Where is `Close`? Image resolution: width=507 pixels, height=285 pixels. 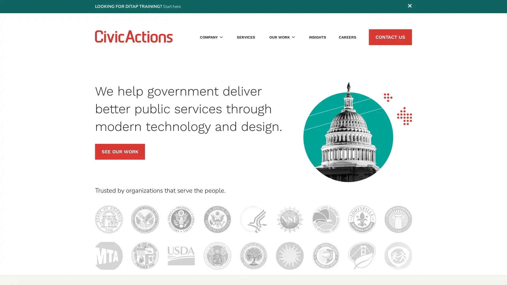 Close is located at coordinates (409, 6).